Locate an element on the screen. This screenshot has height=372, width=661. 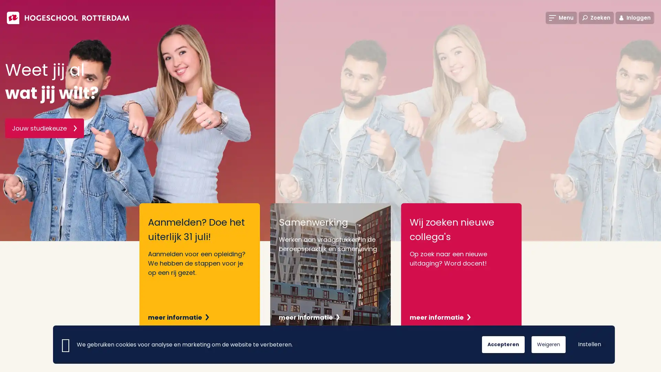
Accepteren is located at coordinates (503, 344).